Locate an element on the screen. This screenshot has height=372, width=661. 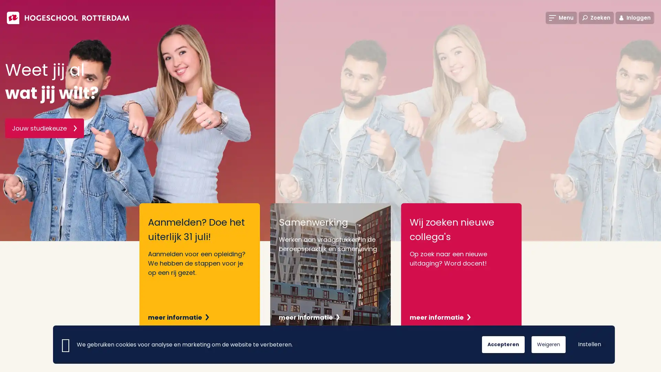
Accepteren is located at coordinates (503, 344).